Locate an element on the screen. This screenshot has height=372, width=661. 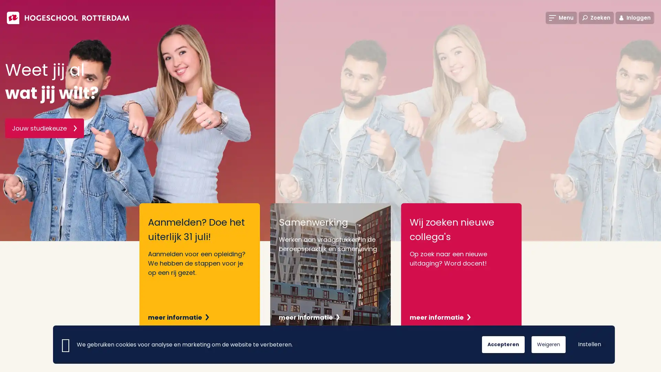
Accepteren is located at coordinates (503, 344).